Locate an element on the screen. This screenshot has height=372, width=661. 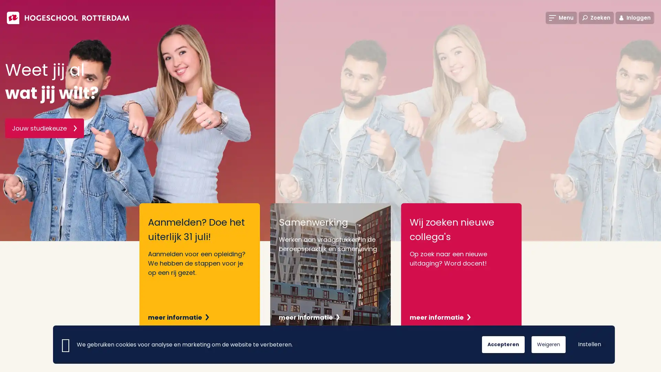
Accepteren is located at coordinates (503, 344).